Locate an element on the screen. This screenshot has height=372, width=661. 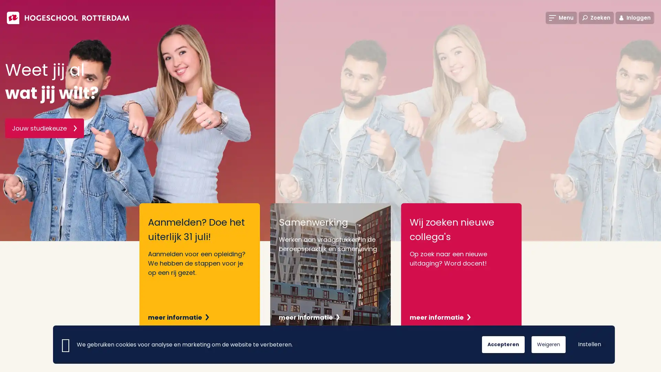
Accepteren is located at coordinates (503, 344).